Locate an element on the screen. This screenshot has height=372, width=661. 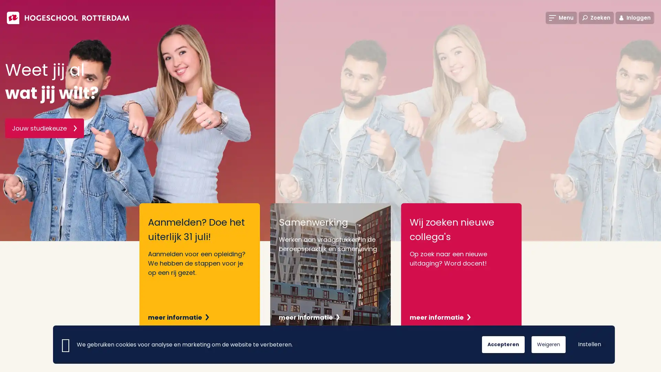
Accepteren is located at coordinates (503, 344).